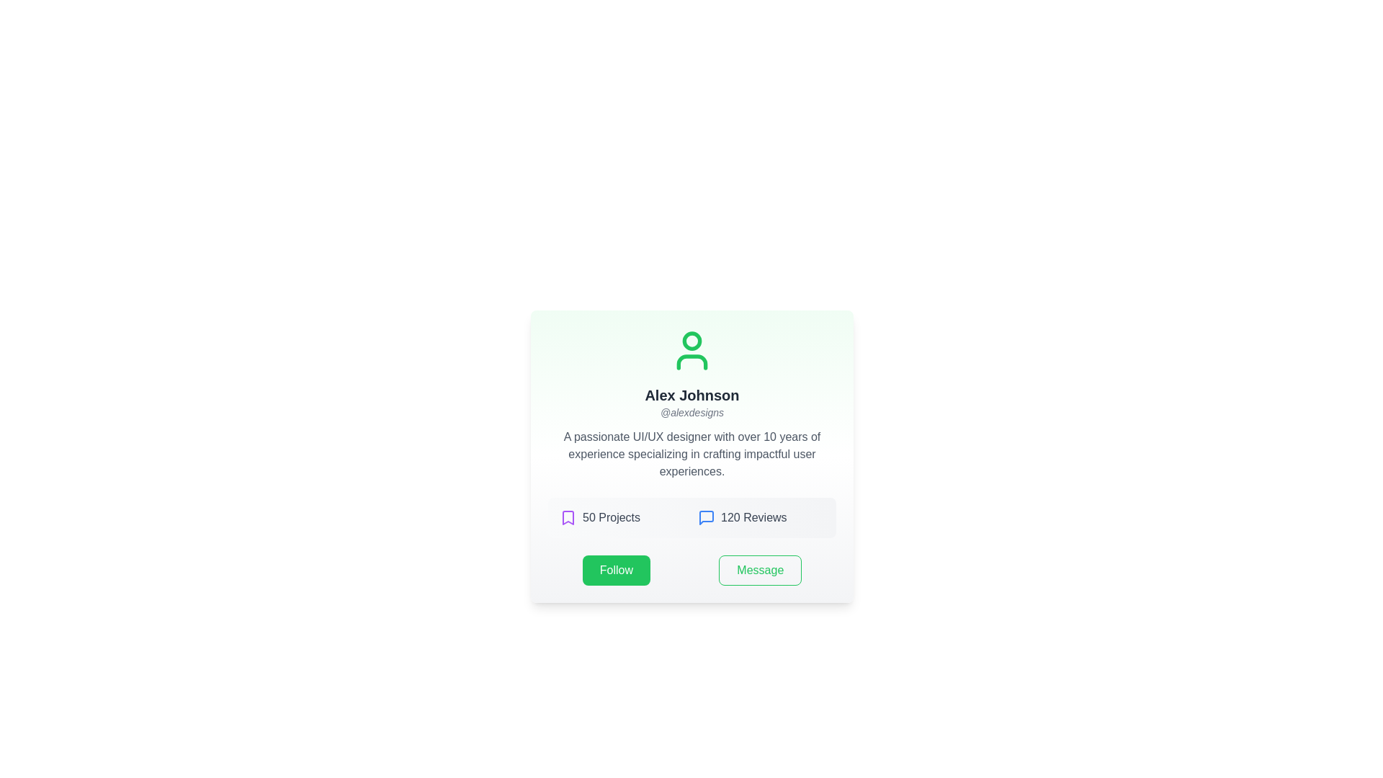 The height and width of the screenshot is (778, 1383). Describe the element at coordinates (760, 517) in the screenshot. I see `the review count display text label and icon pair, which is the second item in the grid layout positioned to the right of '50 Projects'` at that location.